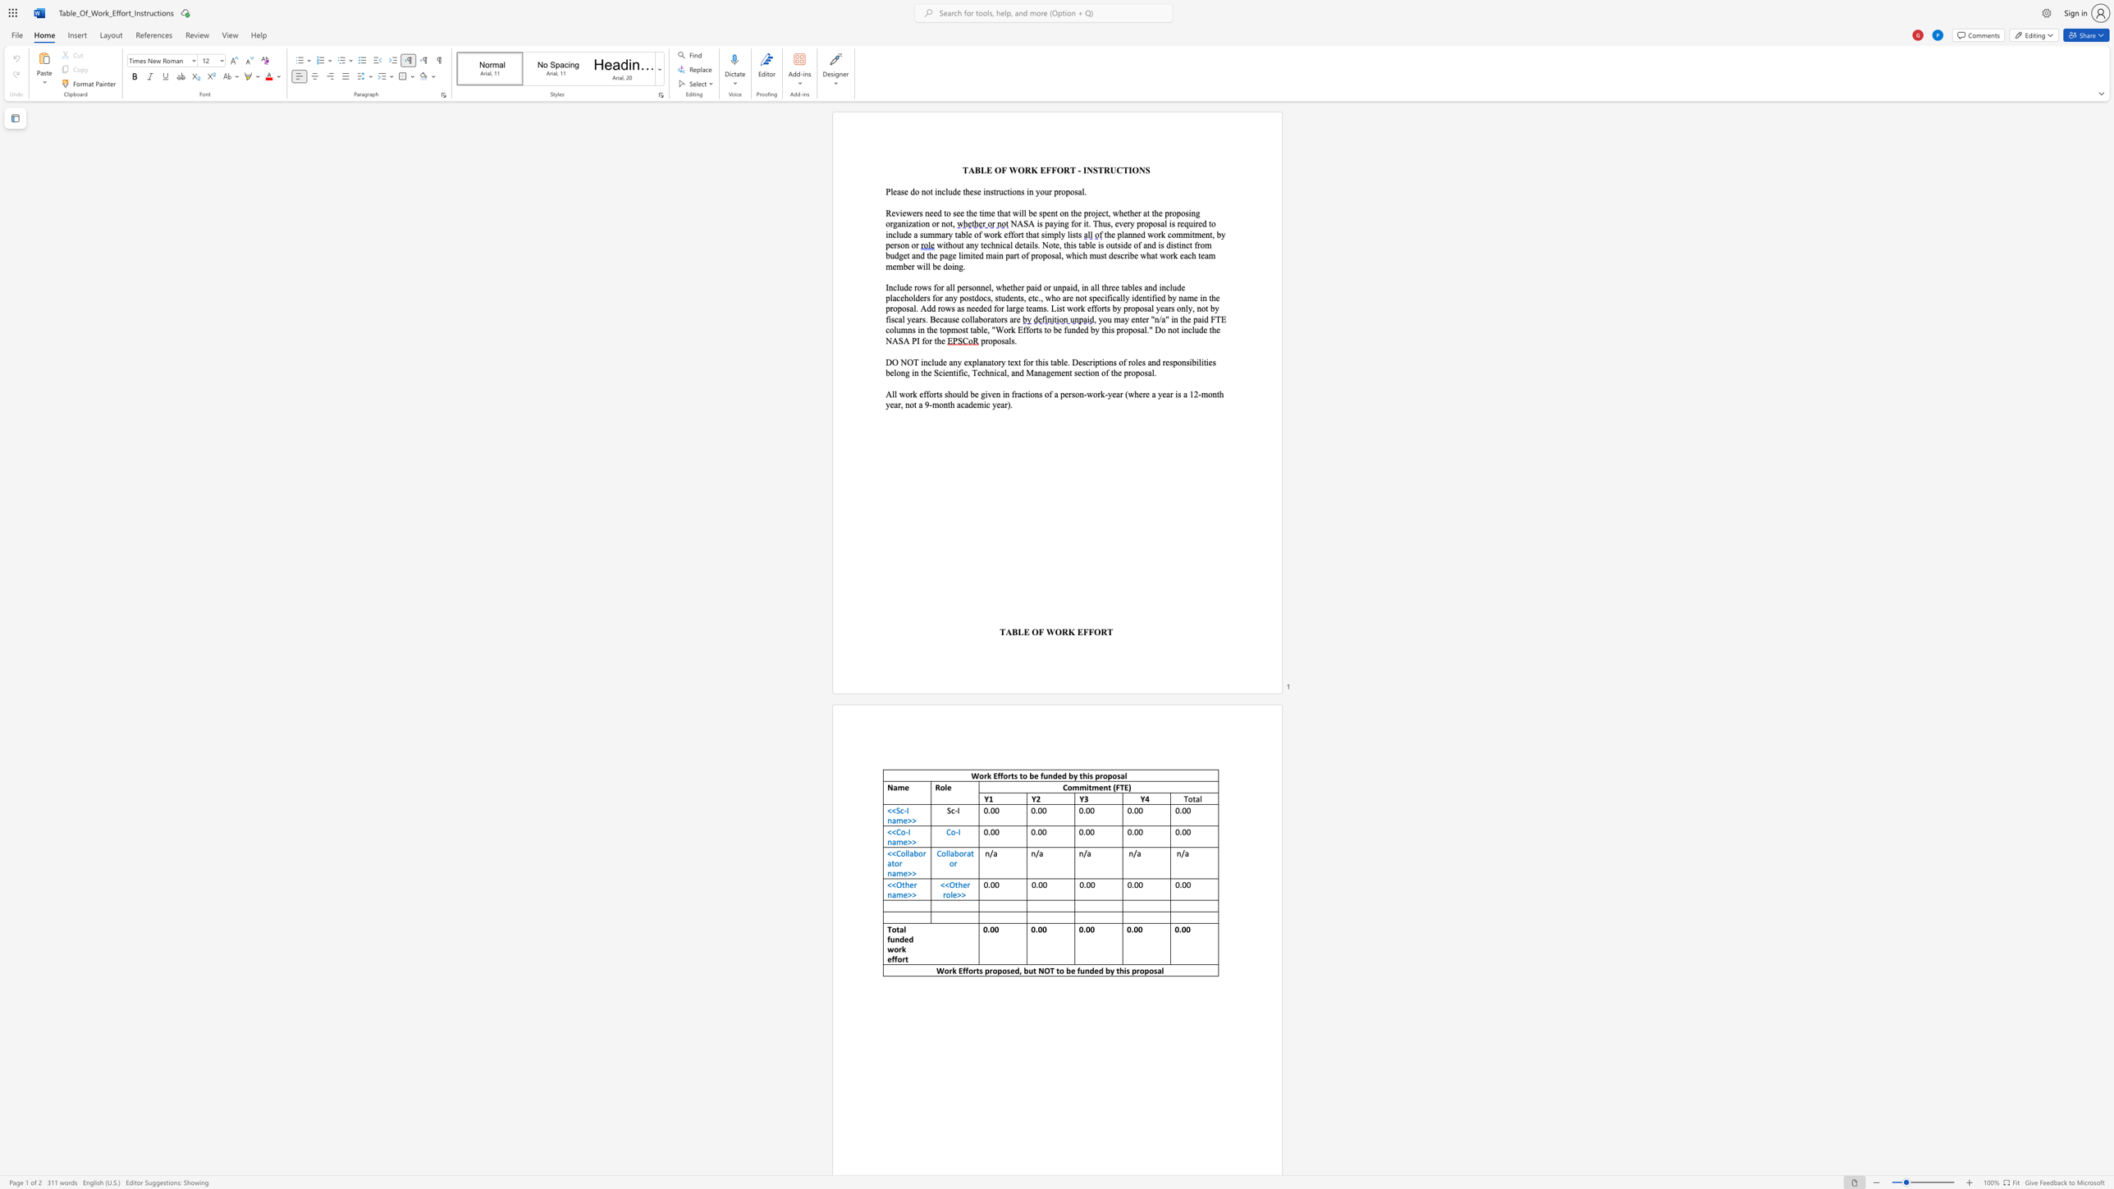 This screenshot has height=1189, width=2114. What do you see at coordinates (1105, 213) in the screenshot?
I see `the space between the continuous character "c" and "t" in the text` at bounding box center [1105, 213].